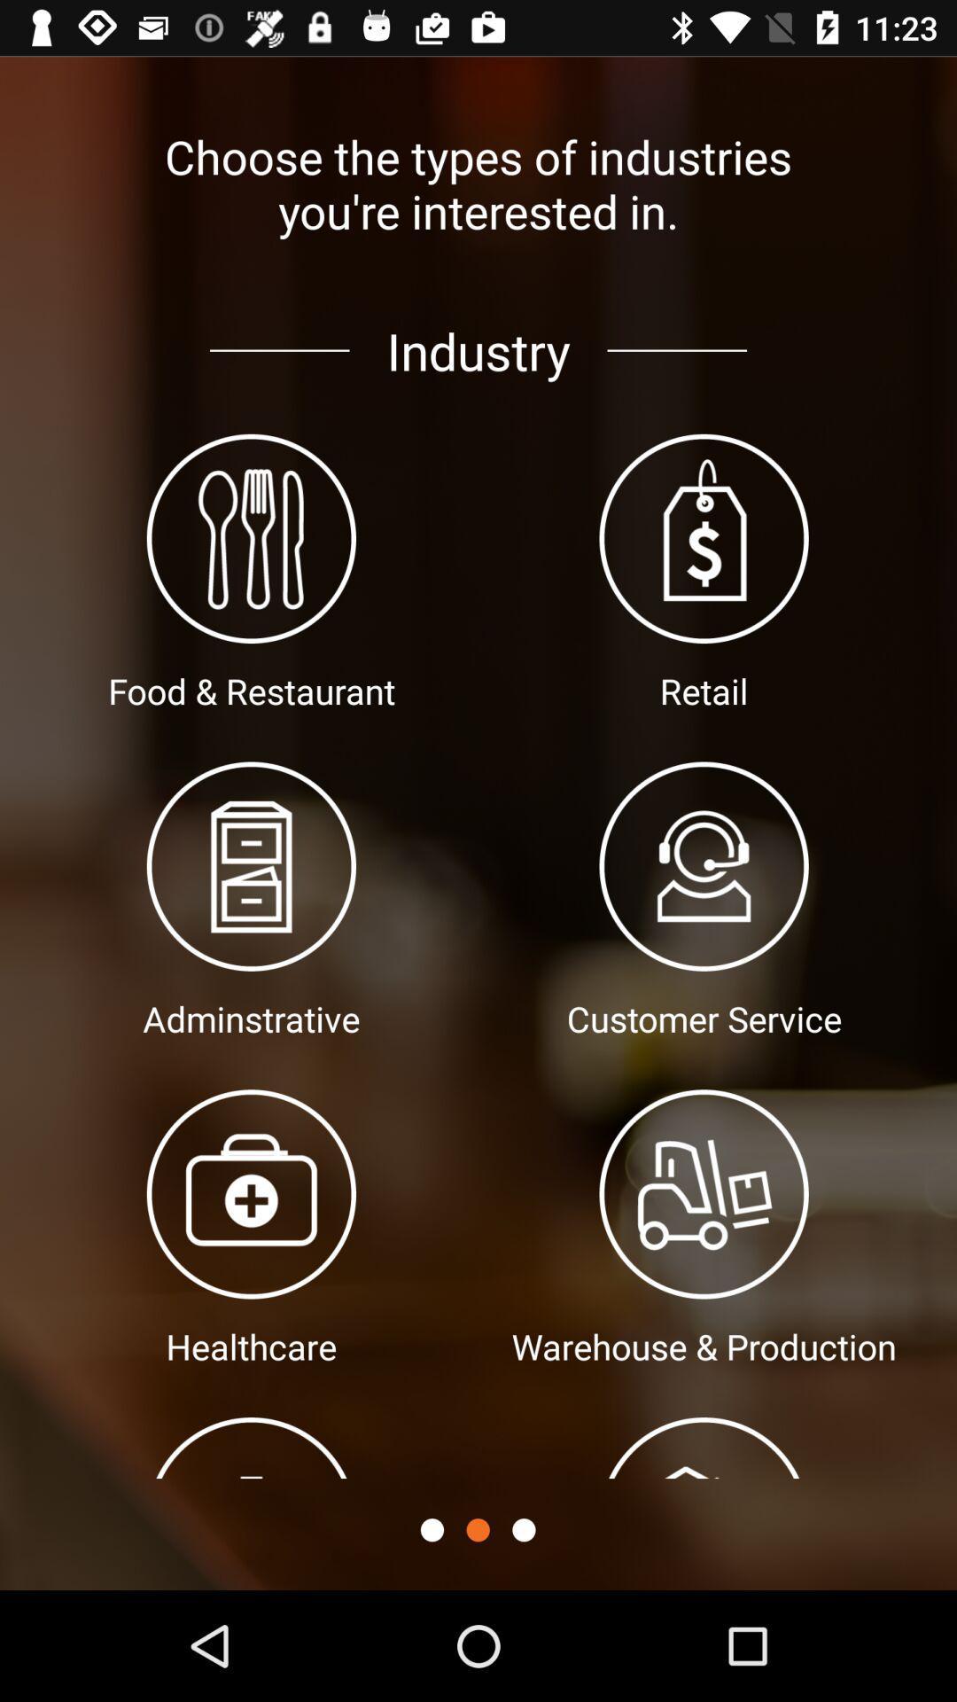 This screenshot has width=957, height=1702. I want to click on item below the industry item, so click(477, 1529).